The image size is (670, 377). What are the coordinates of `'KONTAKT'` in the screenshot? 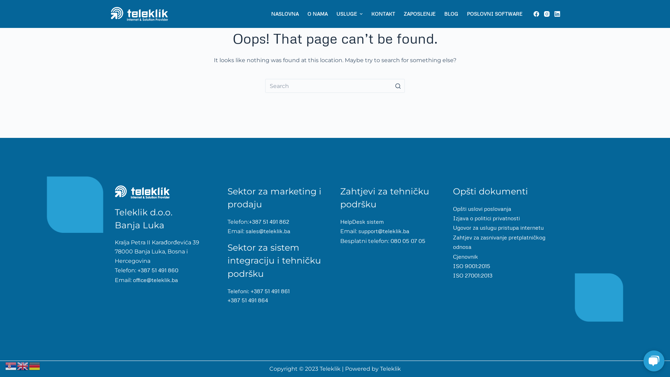 It's located at (382, 14).